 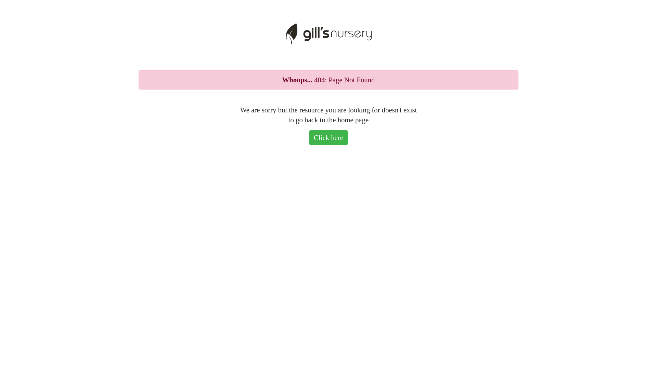 What do you see at coordinates (309, 137) in the screenshot?
I see `'Click here'` at bounding box center [309, 137].